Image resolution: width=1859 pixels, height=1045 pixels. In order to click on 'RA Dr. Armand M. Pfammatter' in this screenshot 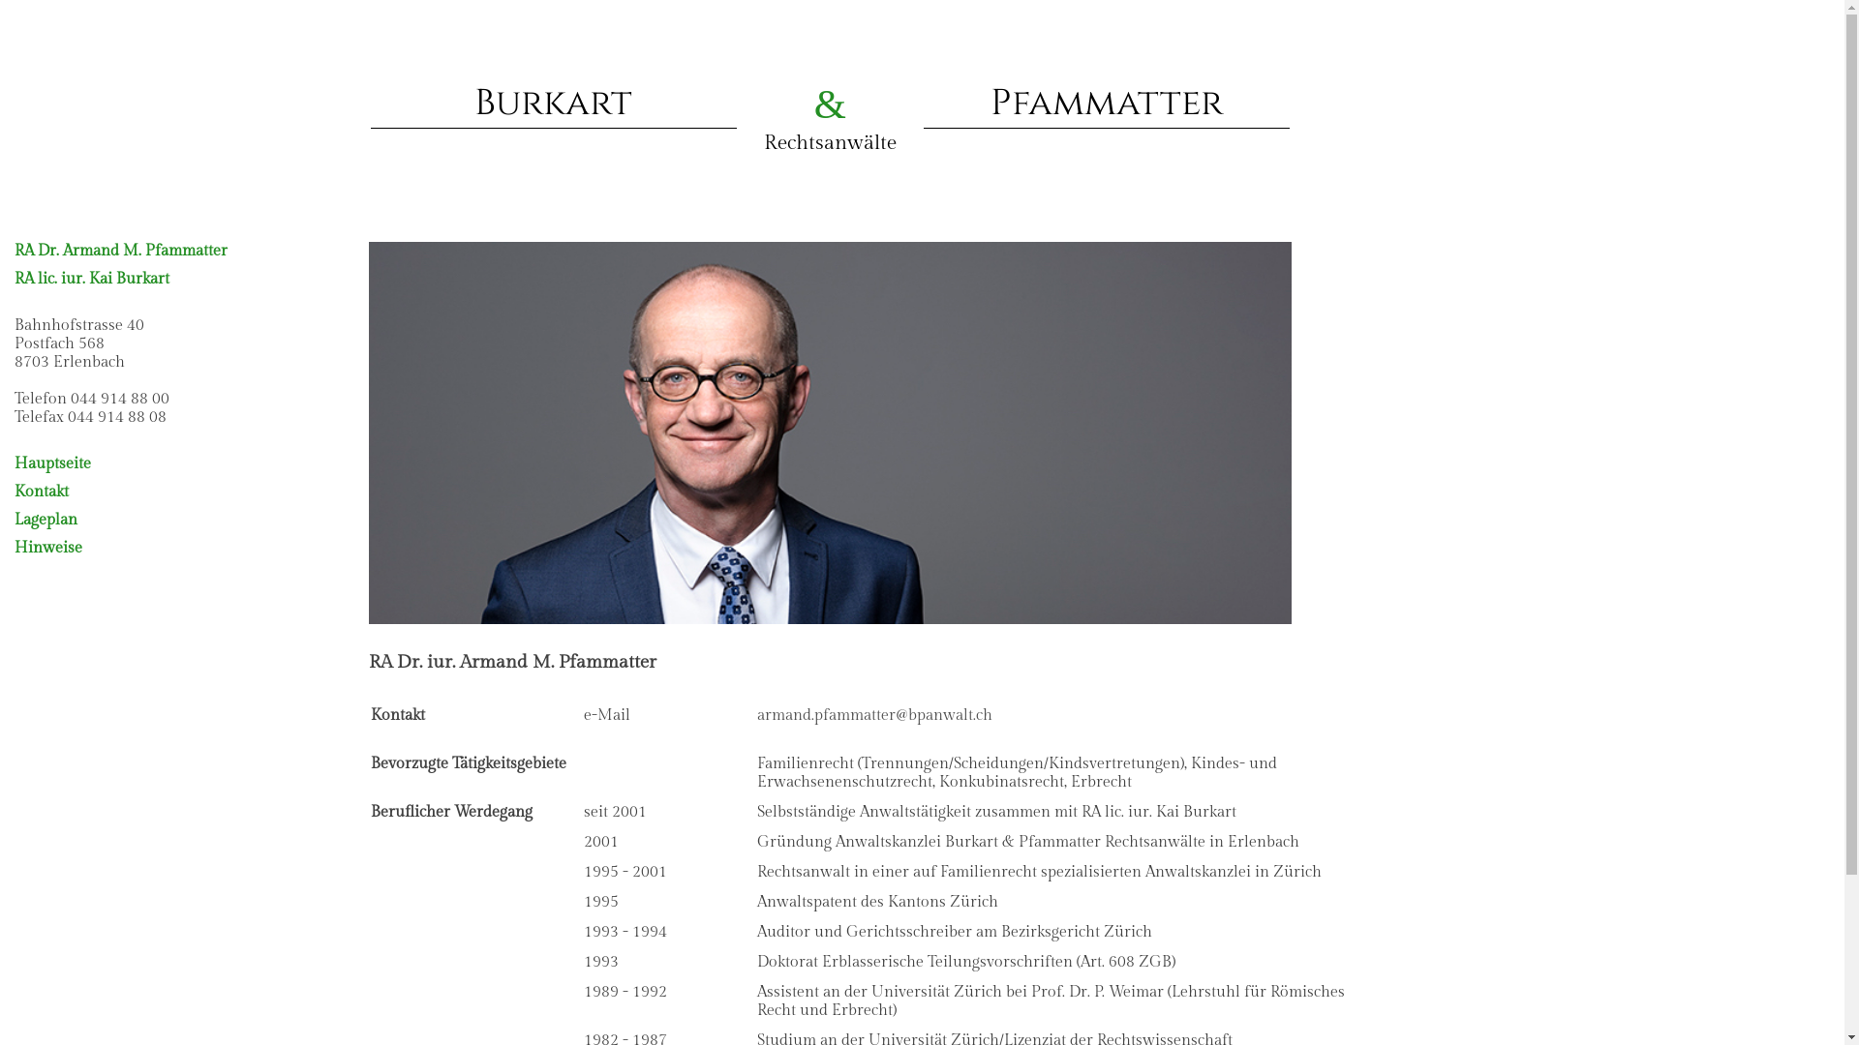, I will do `click(119, 250)`.